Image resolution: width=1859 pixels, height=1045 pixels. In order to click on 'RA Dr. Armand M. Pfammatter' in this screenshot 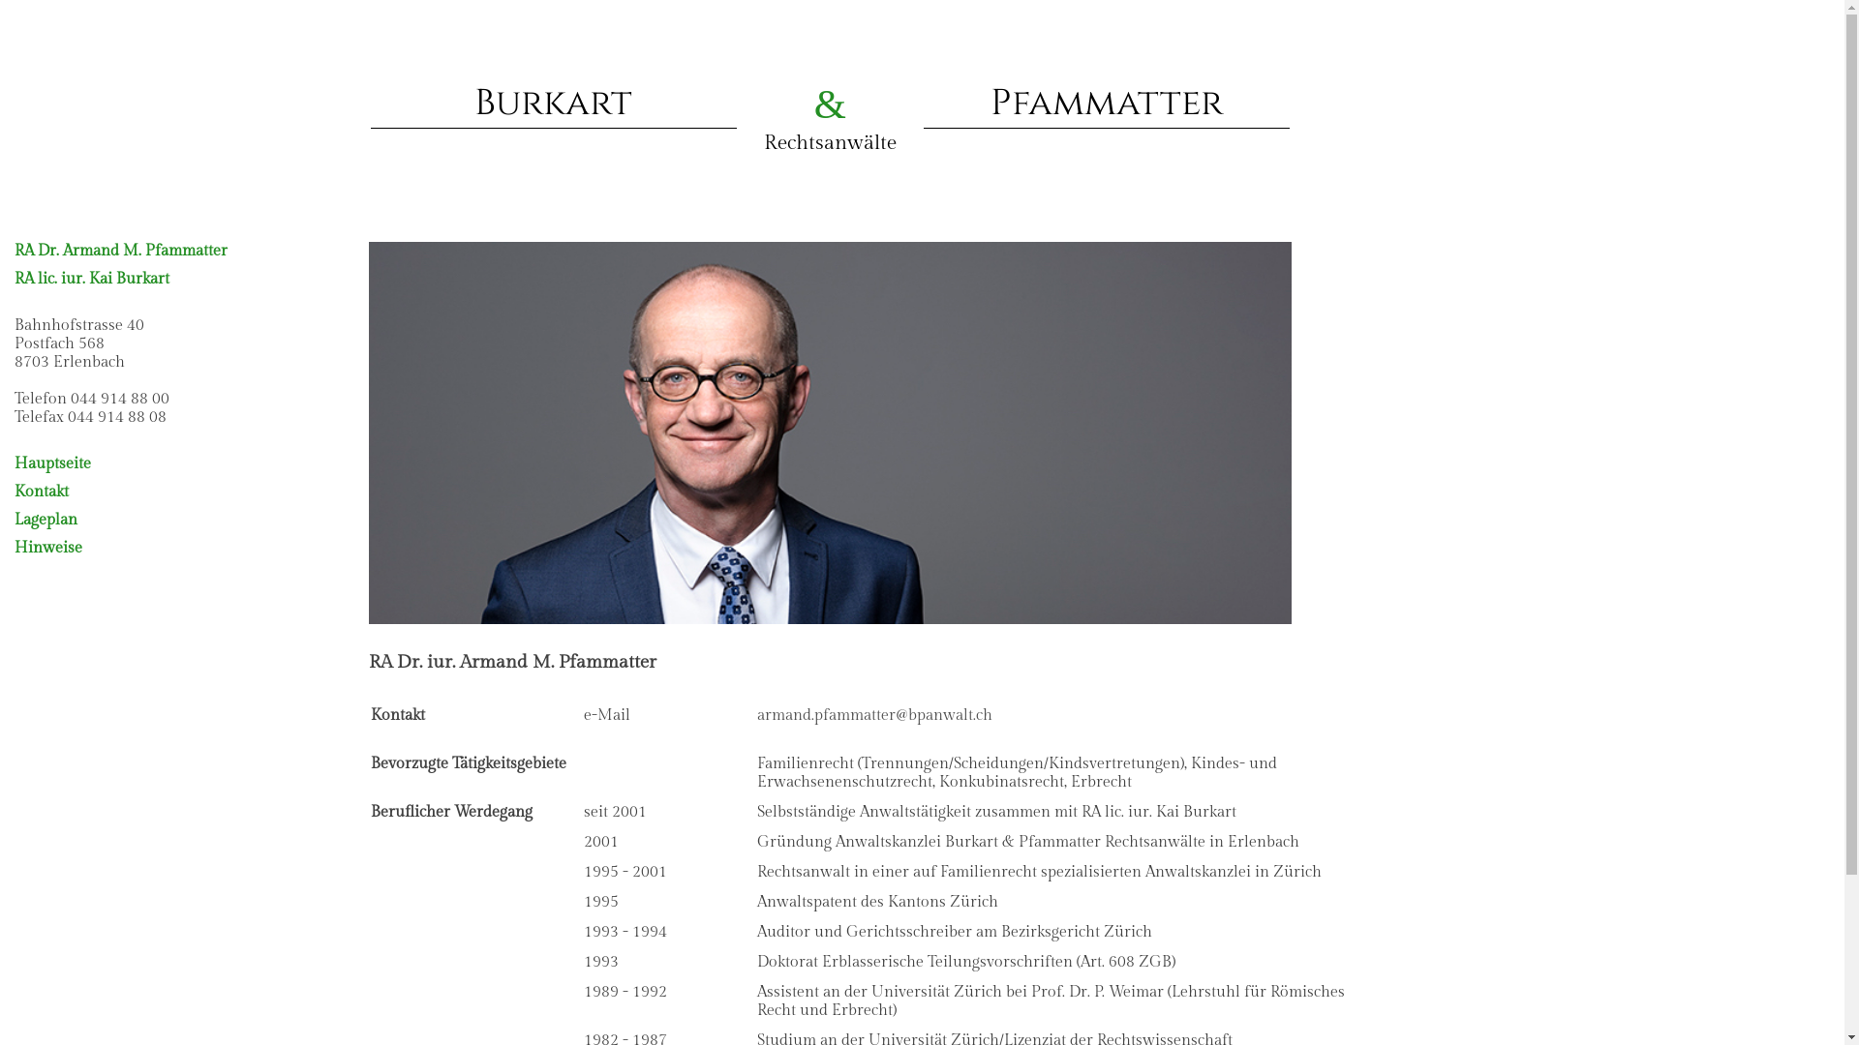, I will do `click(119, 250)`.